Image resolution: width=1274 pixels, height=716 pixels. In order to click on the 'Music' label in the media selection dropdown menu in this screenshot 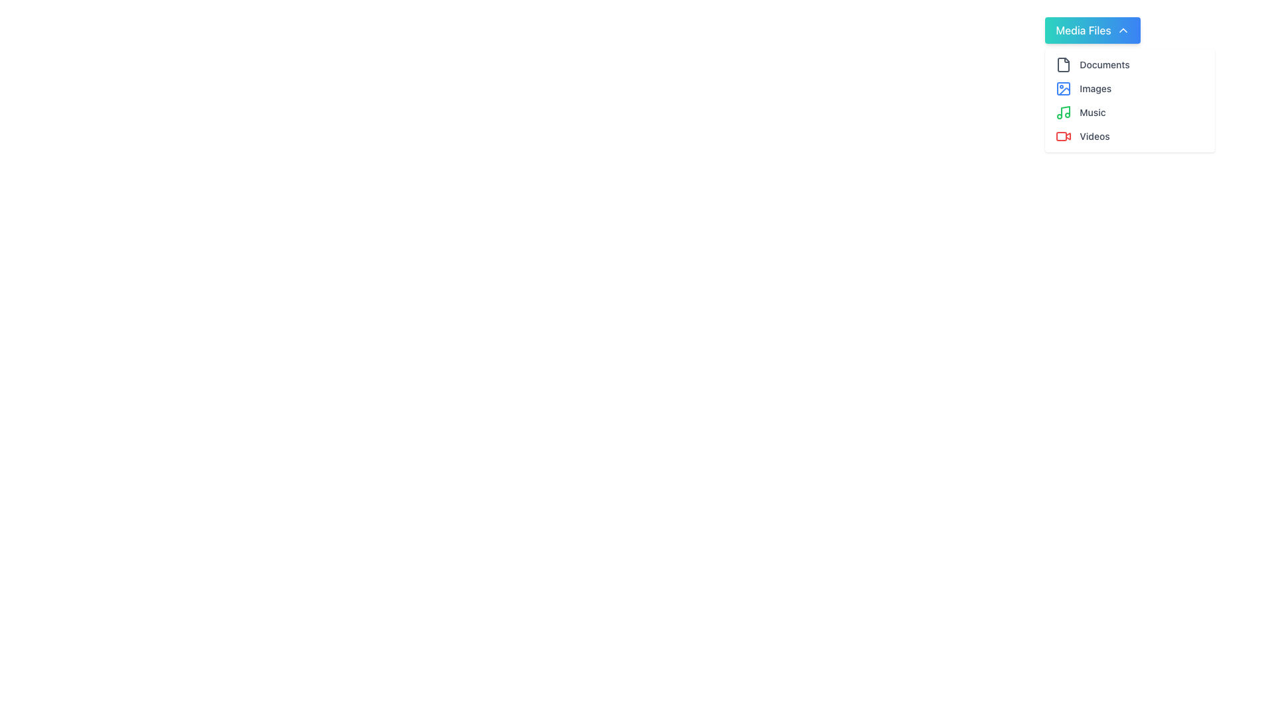, I will do `click(1092, 111)`.